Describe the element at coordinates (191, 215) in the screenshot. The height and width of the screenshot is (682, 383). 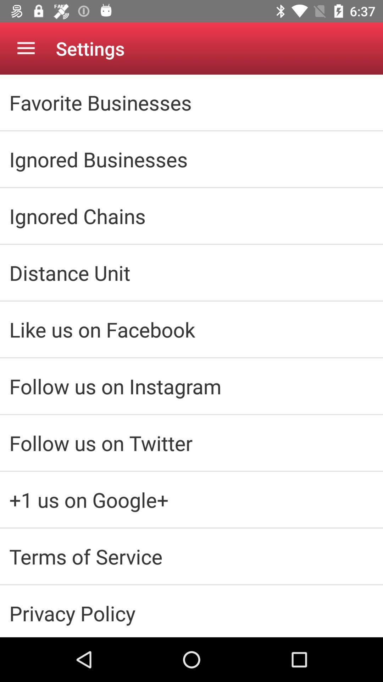
I see `icon above distance unit` at that location.